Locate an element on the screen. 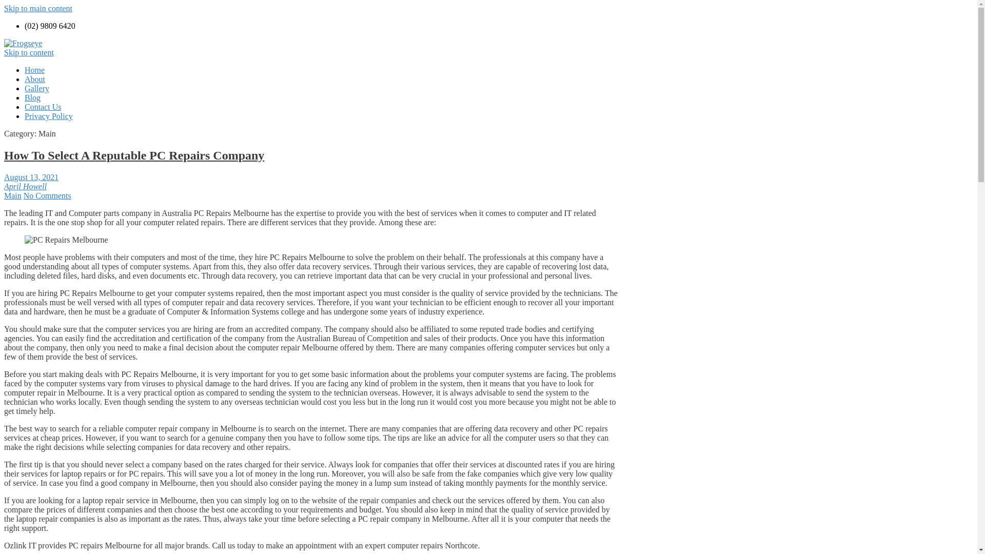  'Skip to content' is located at coordinates (29, 52).